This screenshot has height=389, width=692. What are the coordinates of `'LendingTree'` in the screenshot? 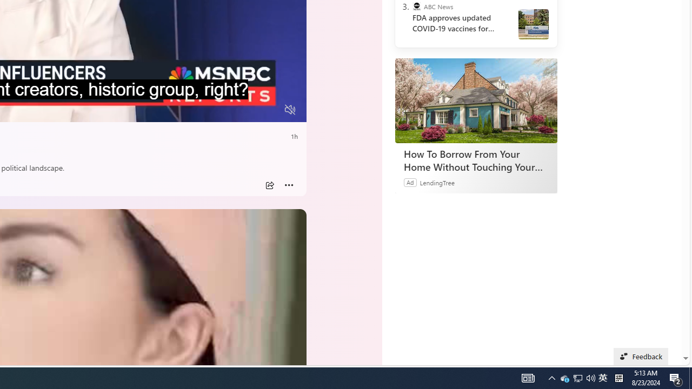 It's located at (437, 182).